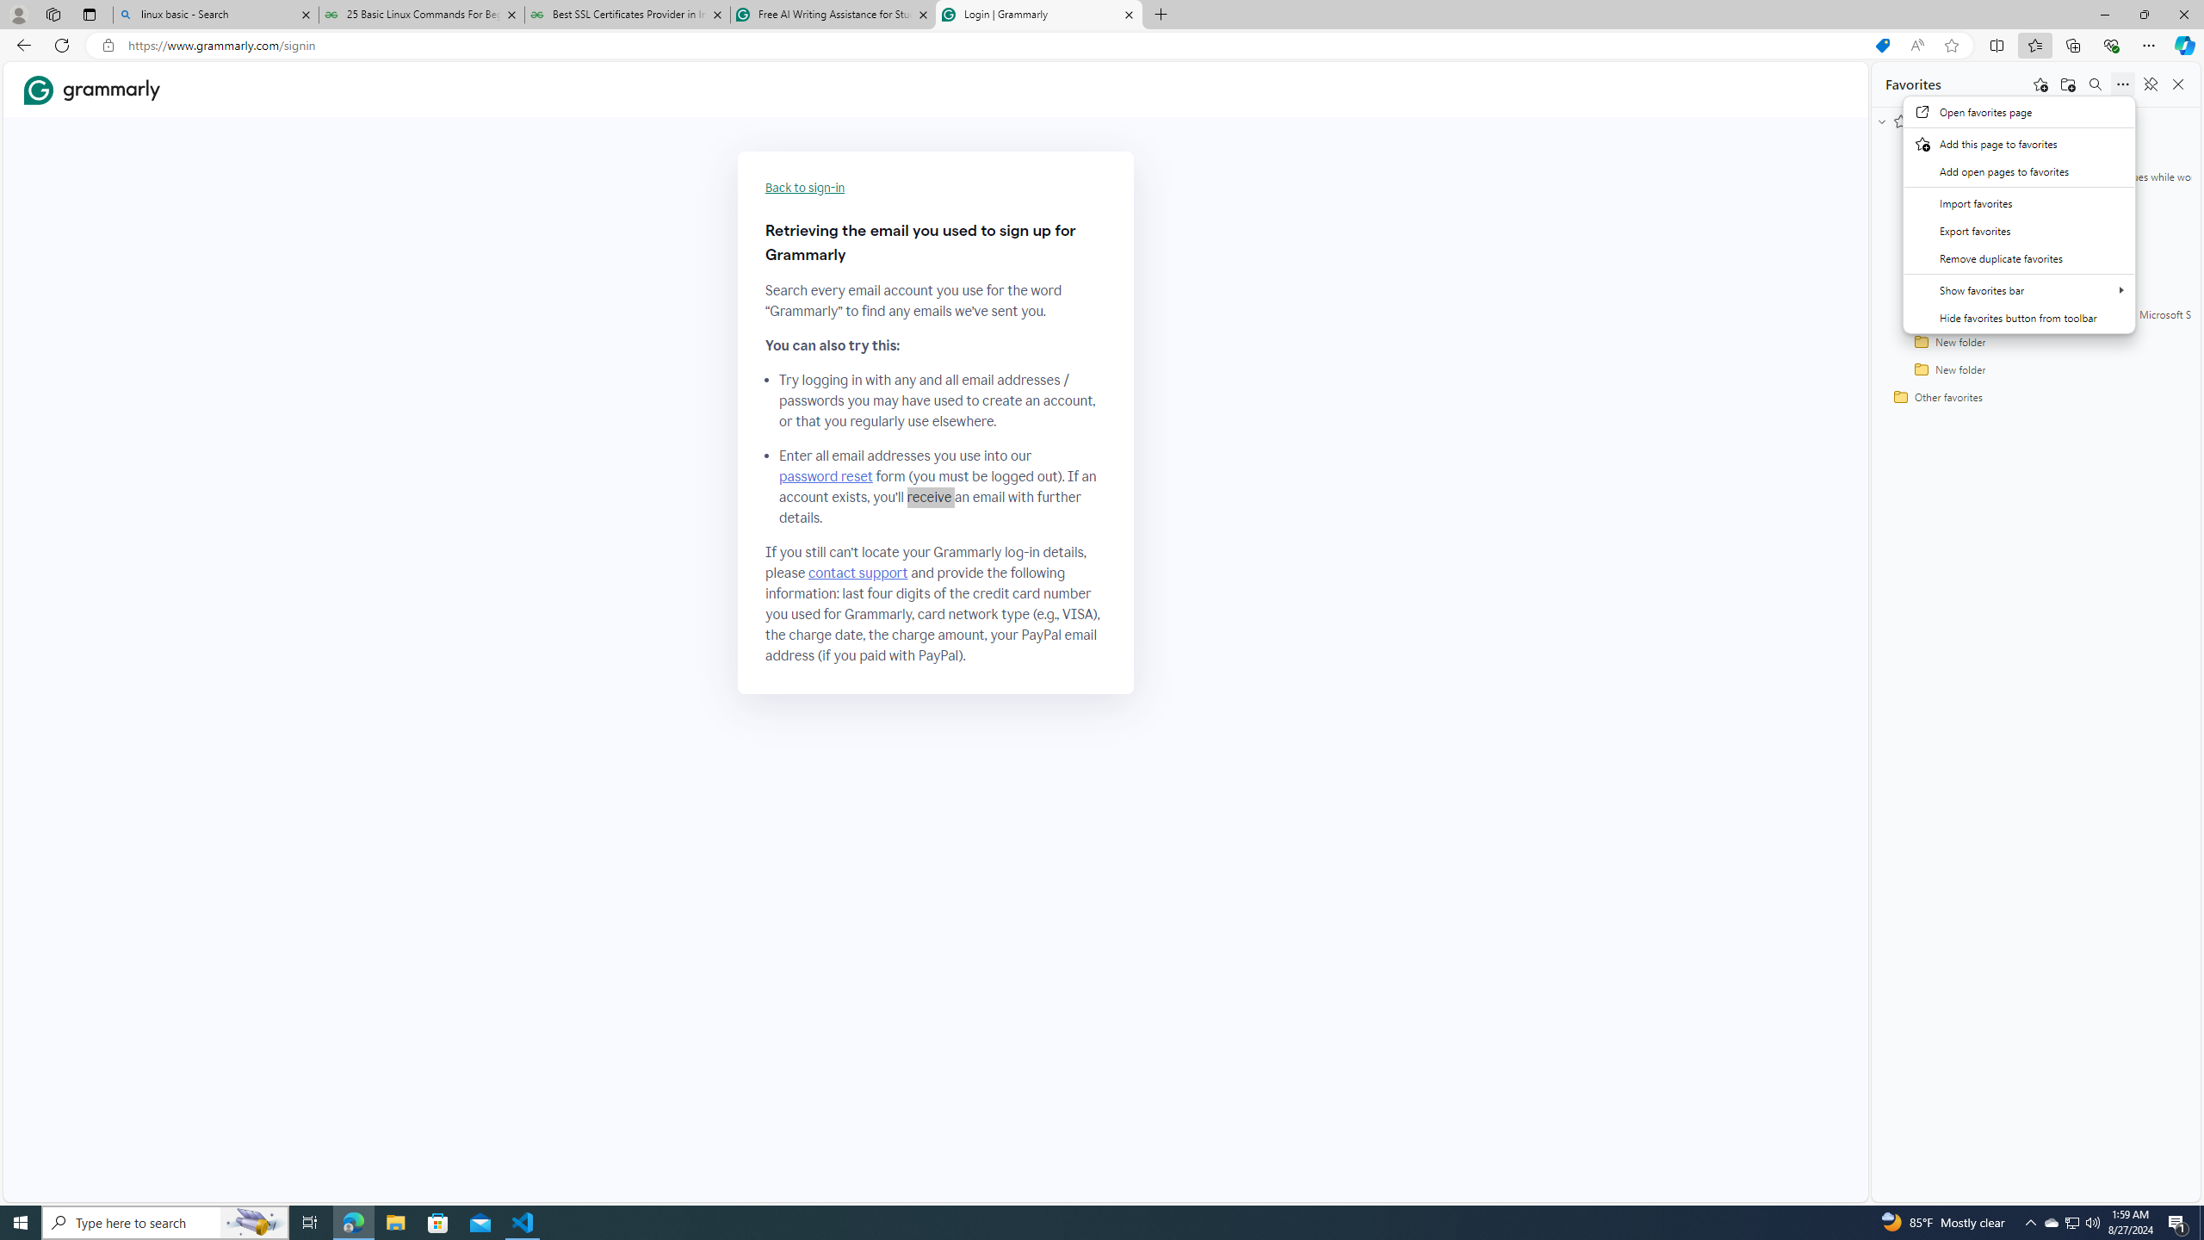 This screenshot has height=1240, width=2204. I want to click on 'Remove duplicate favorites', so click(2019, 257).